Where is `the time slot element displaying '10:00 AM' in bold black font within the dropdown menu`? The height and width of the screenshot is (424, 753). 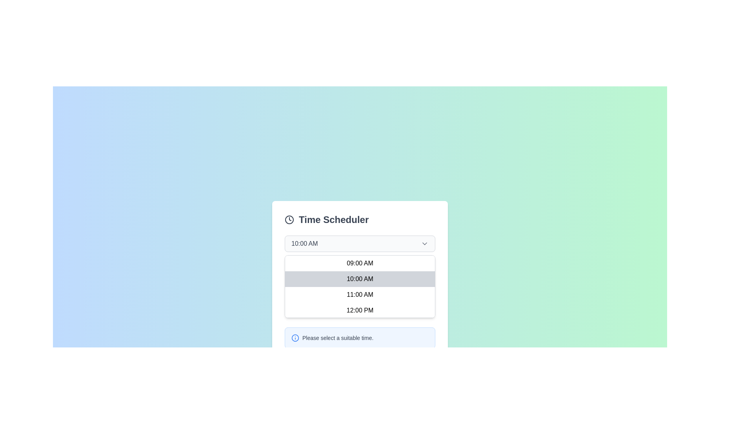
the time slot element displaying '10:00 AM' in bold black font within the dropdown menu is located at coordinates (359, 278).